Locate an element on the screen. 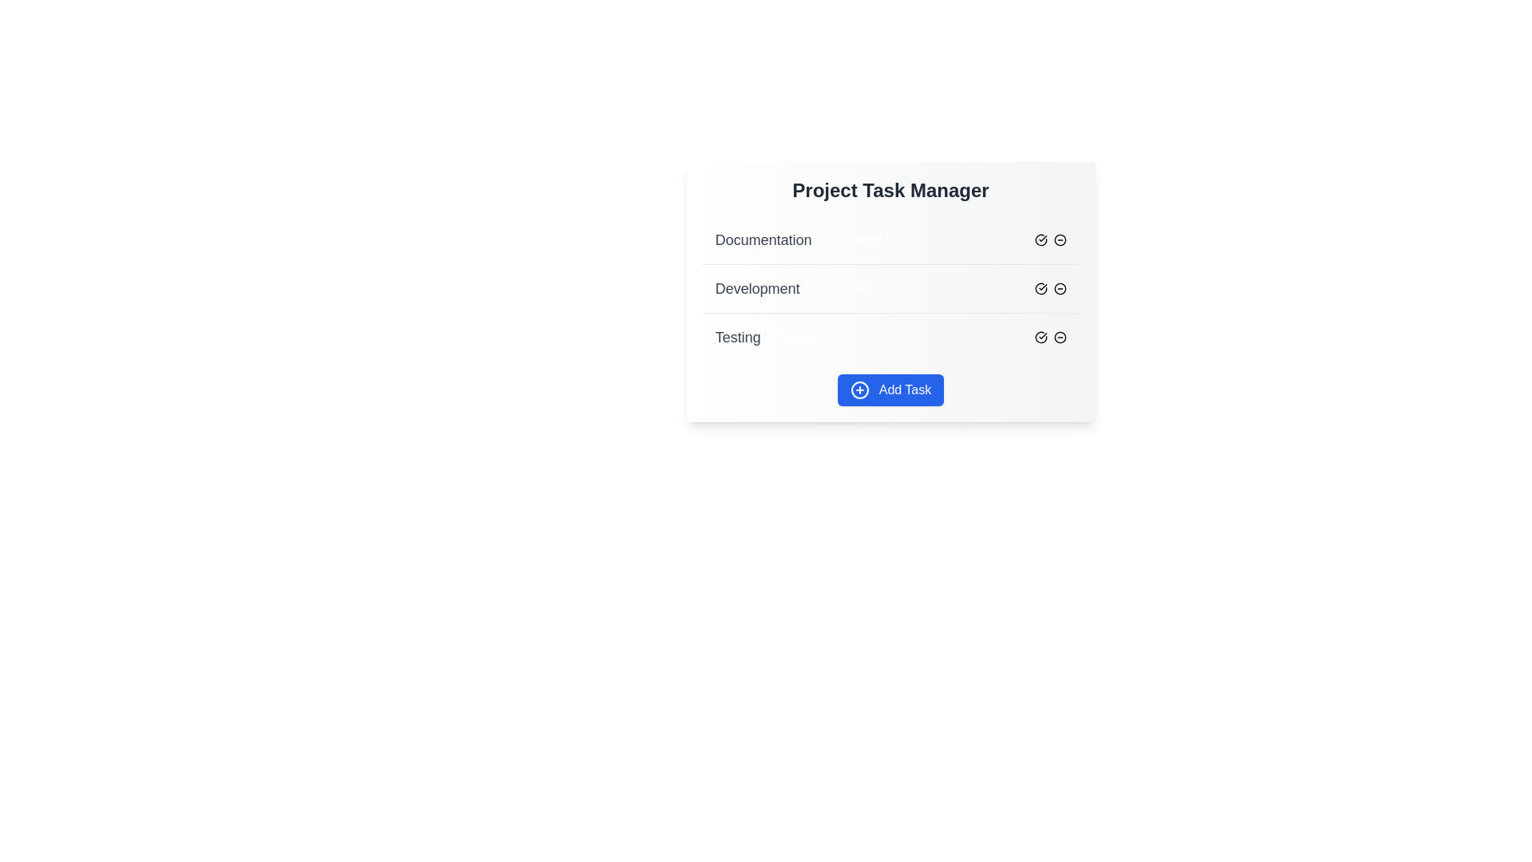 Image resolution: width=1532 pixels, height=862 pixels. the small circular icon with a plus sign inside the blue 'Add Task' button is located at coordinates (859, 390).